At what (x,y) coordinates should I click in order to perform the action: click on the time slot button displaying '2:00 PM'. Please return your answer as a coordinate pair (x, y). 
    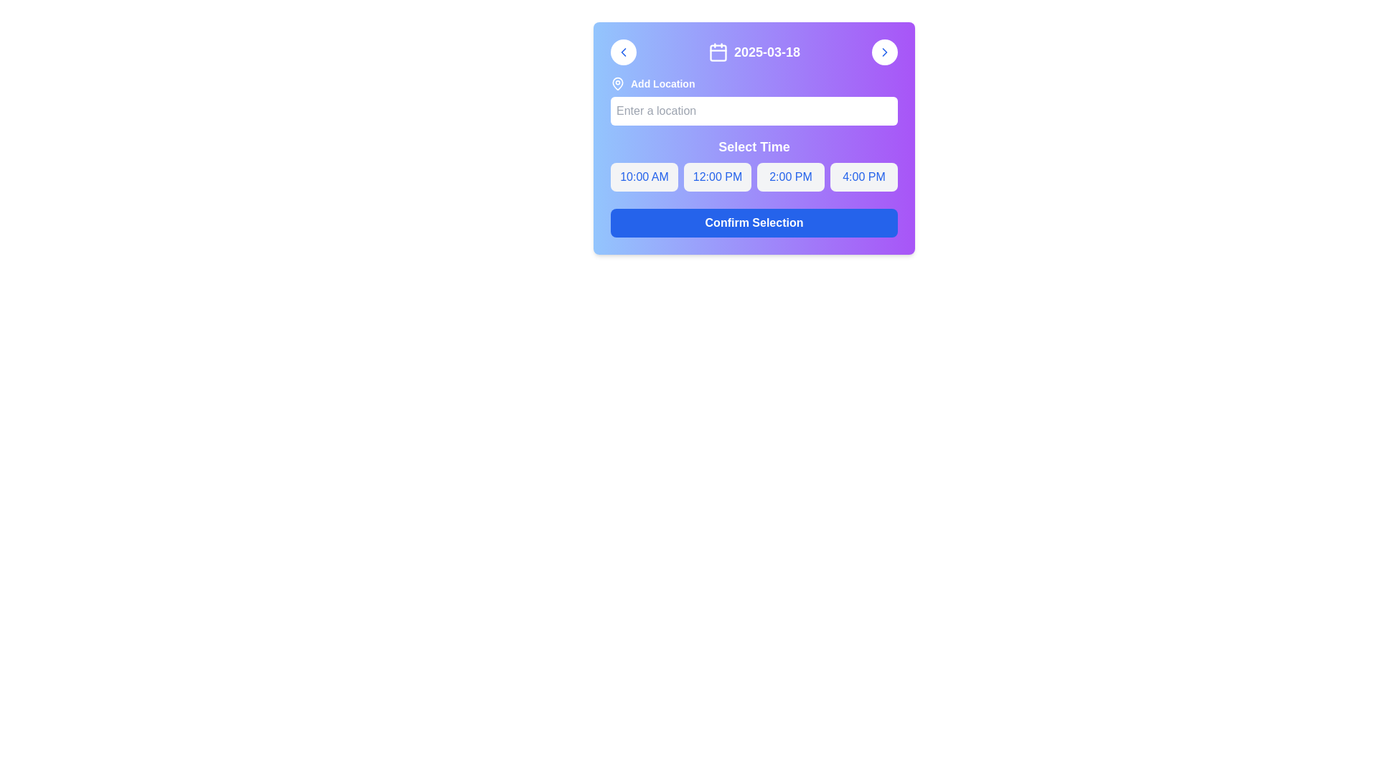
    Looking at the image, I should click on (754, 163).